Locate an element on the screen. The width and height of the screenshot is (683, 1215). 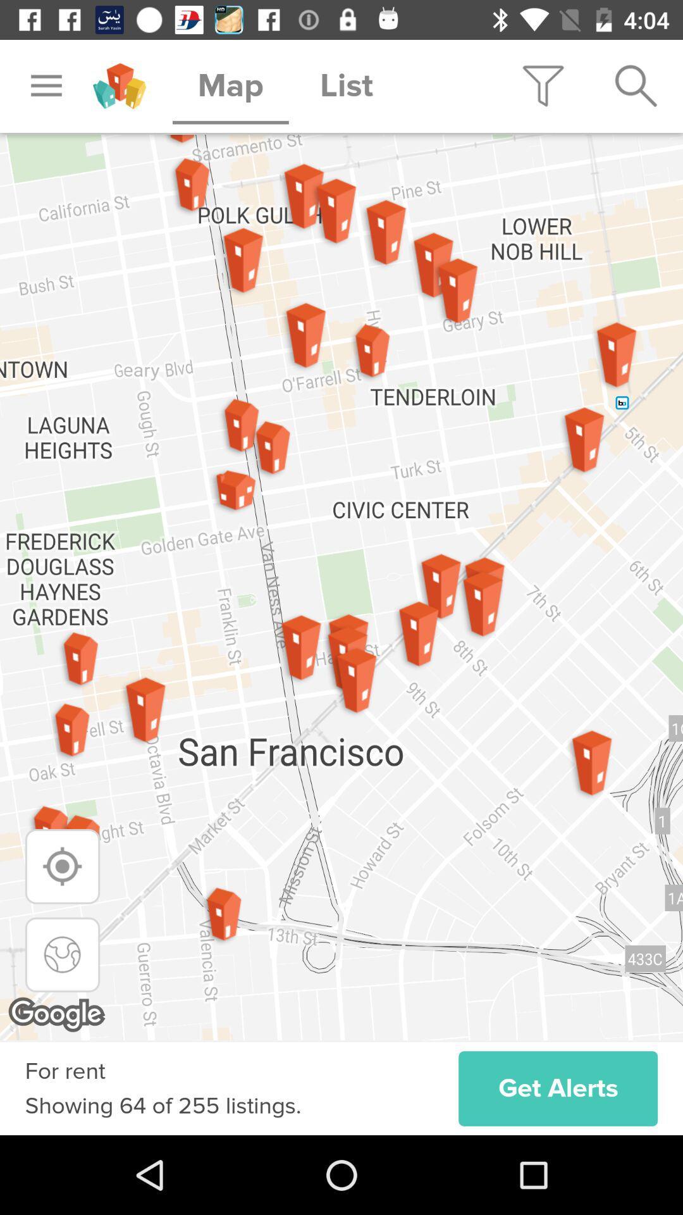
the location_crosshair icon is located at coordinates (63, 866).